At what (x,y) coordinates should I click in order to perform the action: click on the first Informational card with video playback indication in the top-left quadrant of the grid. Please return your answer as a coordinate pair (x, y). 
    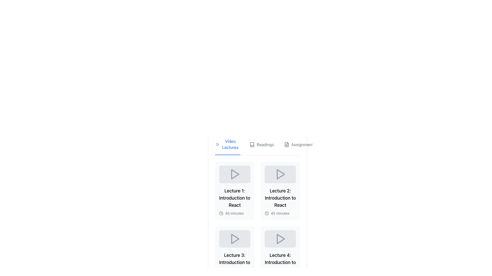
    Looking at the image, I should click on (234, 190).